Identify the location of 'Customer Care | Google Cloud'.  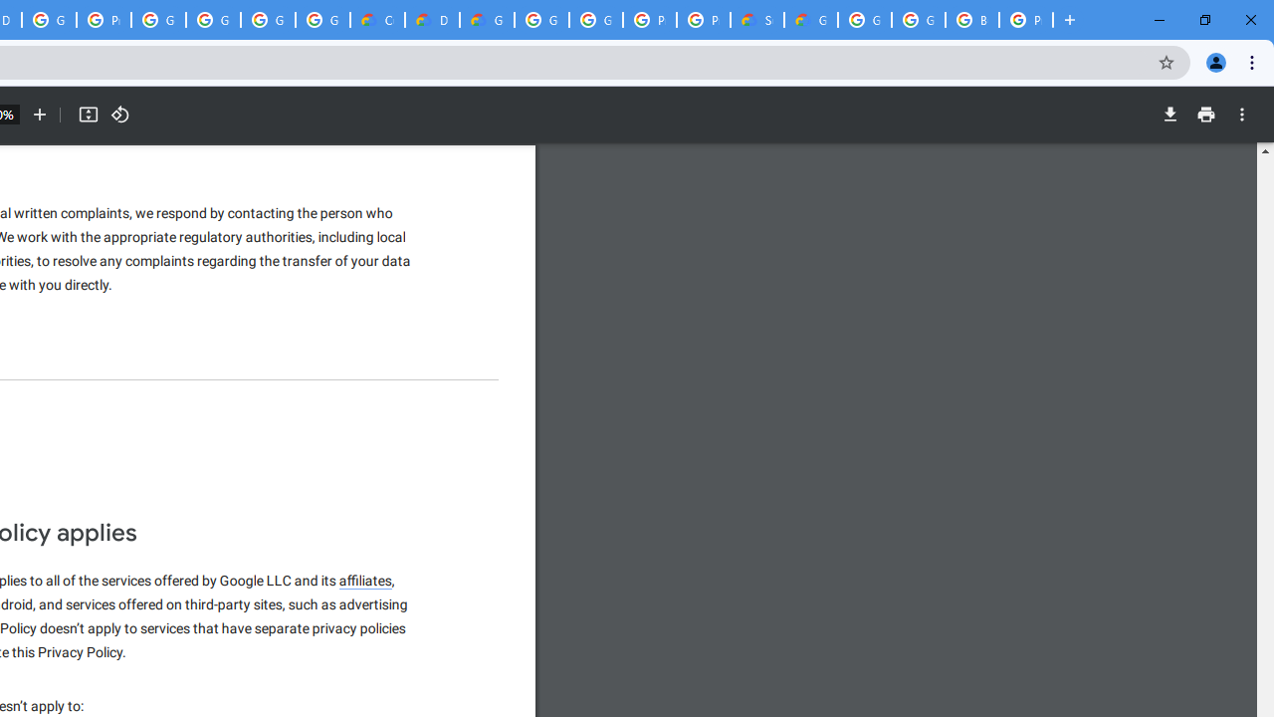
(377, 20).